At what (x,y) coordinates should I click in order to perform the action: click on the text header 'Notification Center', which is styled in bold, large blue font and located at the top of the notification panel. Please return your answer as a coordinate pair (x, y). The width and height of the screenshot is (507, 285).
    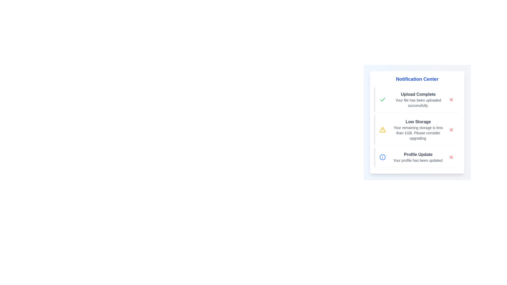
    Looking at the image, I should click on (417, 79).